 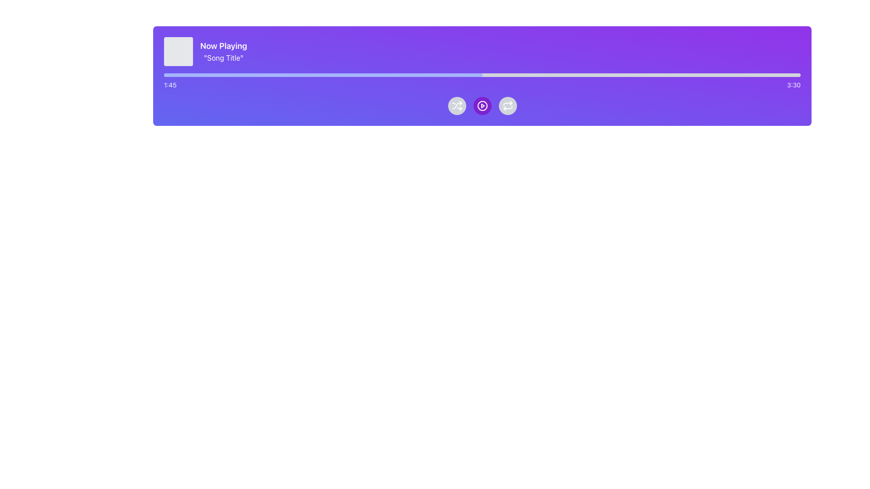 I want to click on the playback progress bar of the media player to seek a different playback position, so click(x=482, y=81).